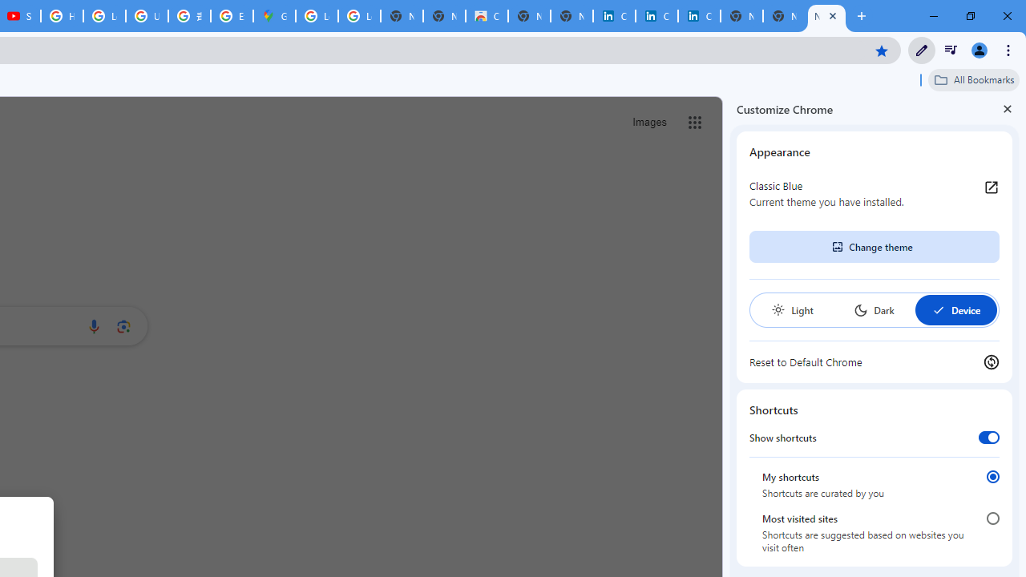 This screenshot has height=577, width=1026. I want to click on 'How Chrome protects your passwords - Google Chrome Help', so click(62, 16).